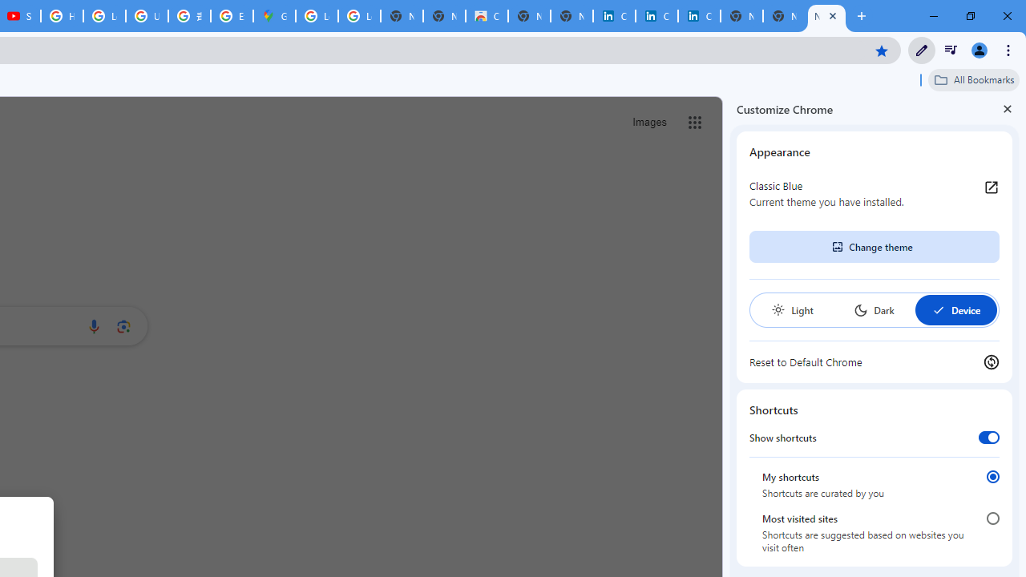 This screenshot has height=577, width=1026. I want to click on 'How Chrome protects your passwords - Google Chrome Help', so click(62, 16).